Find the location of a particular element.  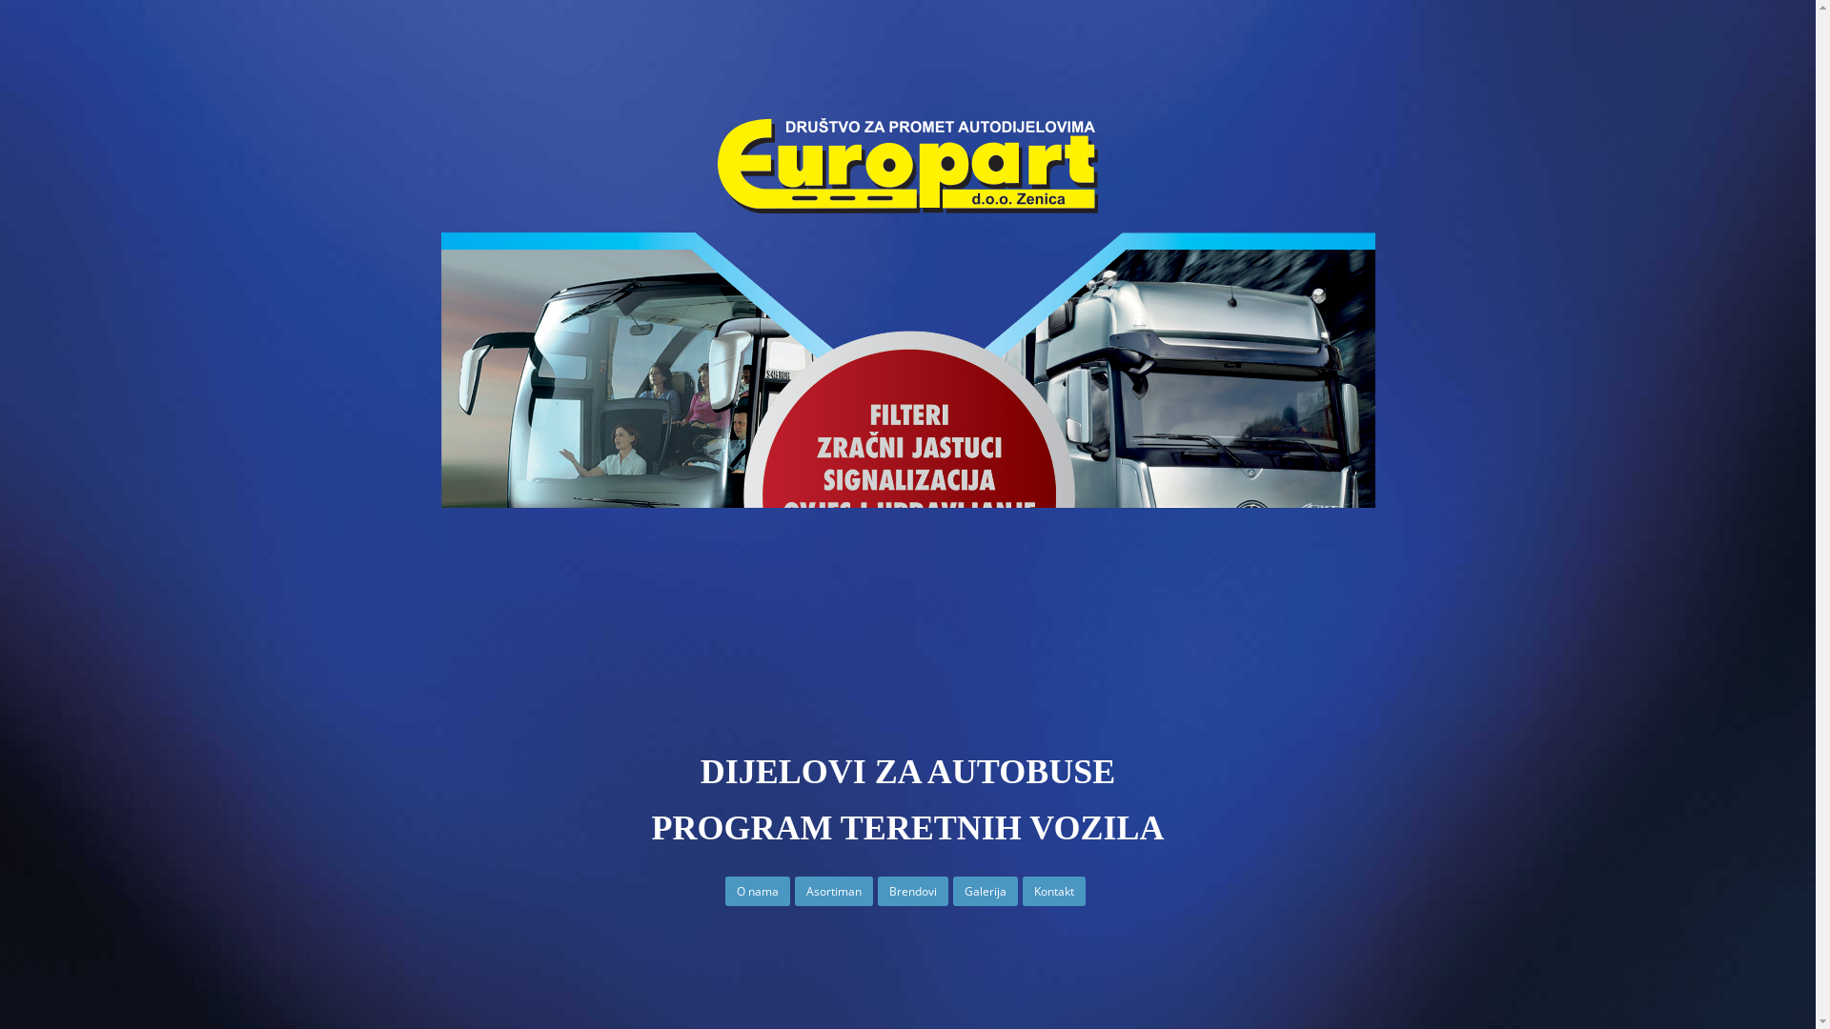

'Galerija' is located at coordinates (985, 892).